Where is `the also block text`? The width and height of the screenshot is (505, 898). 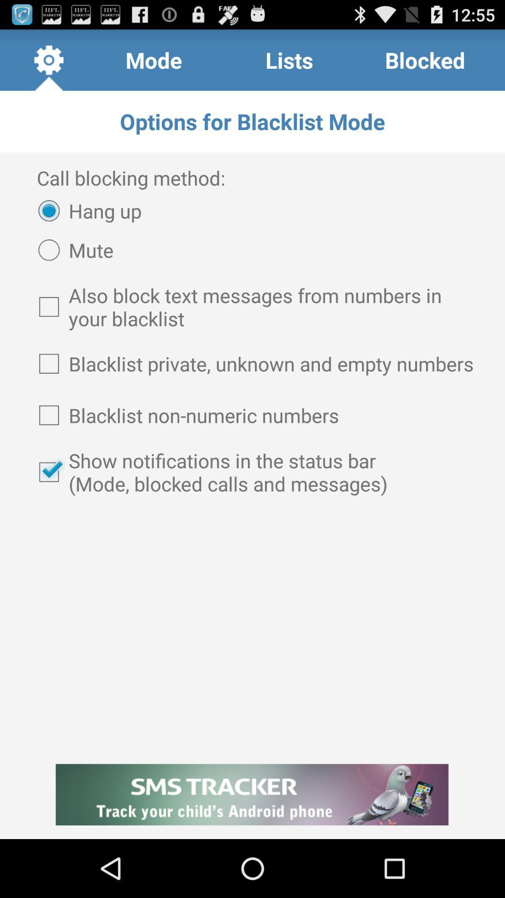
the also block text is located at coordinates (252, 307).